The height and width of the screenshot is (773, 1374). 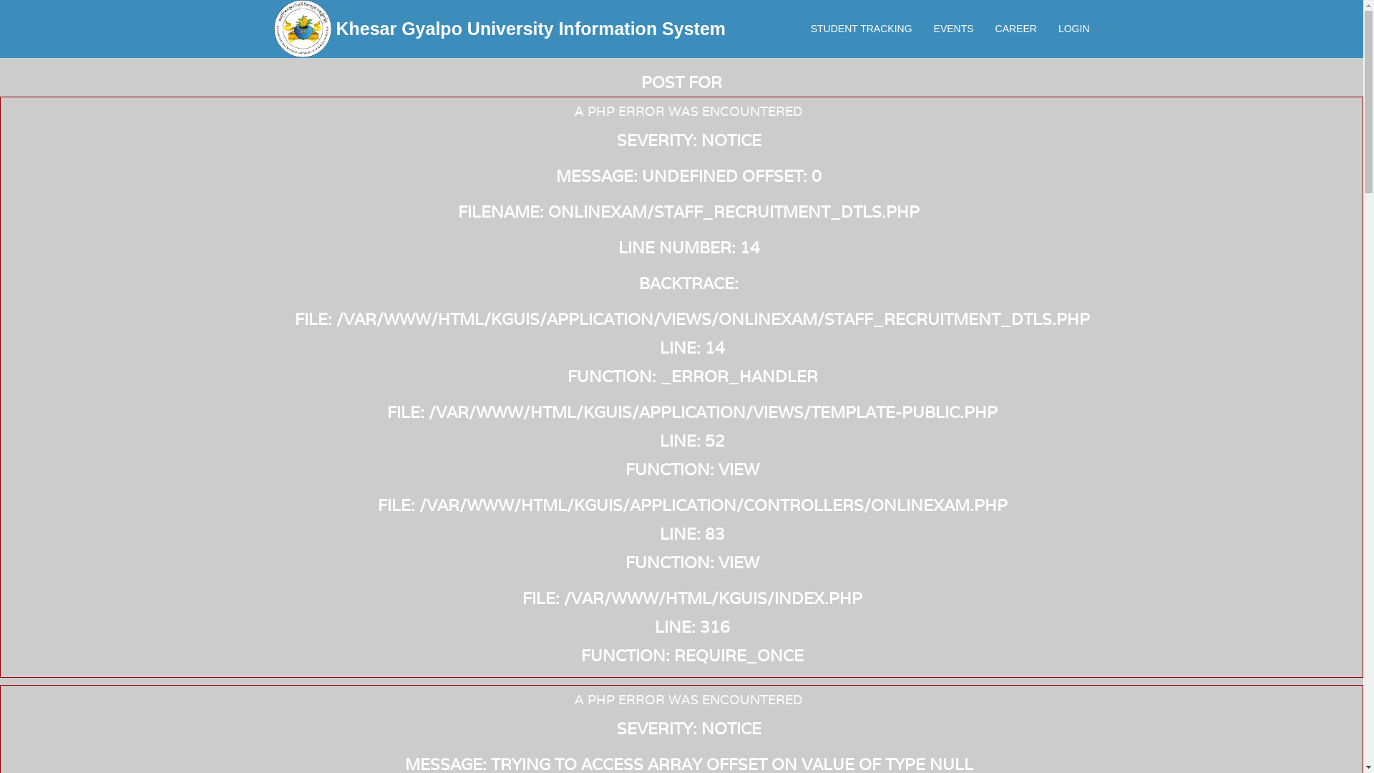 What do you see at coordinates (923, 28) in the screenshot?
I see `'EVENTS'` at bounding box center [923, 28].